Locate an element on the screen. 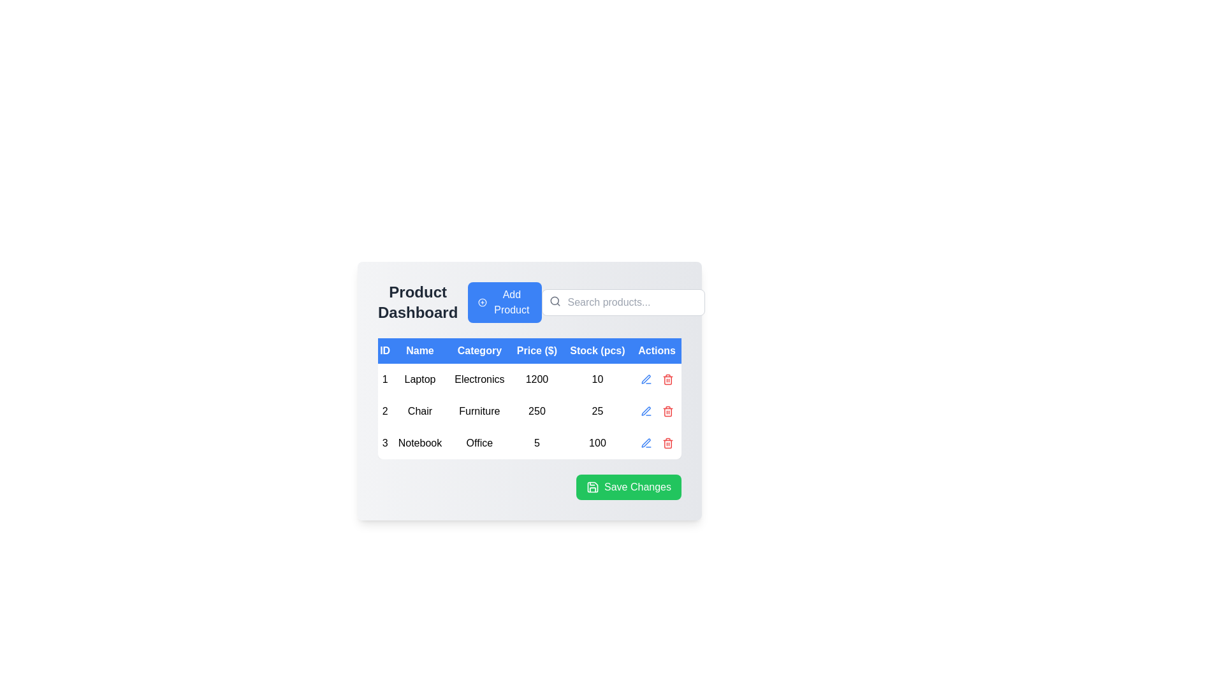 The height and width of the screenshot is (688, 1224). the small rectangular text box displaying the number '1' in black text, which is positioned at the very left of the first row in the table is located at coordinates (384, 379).